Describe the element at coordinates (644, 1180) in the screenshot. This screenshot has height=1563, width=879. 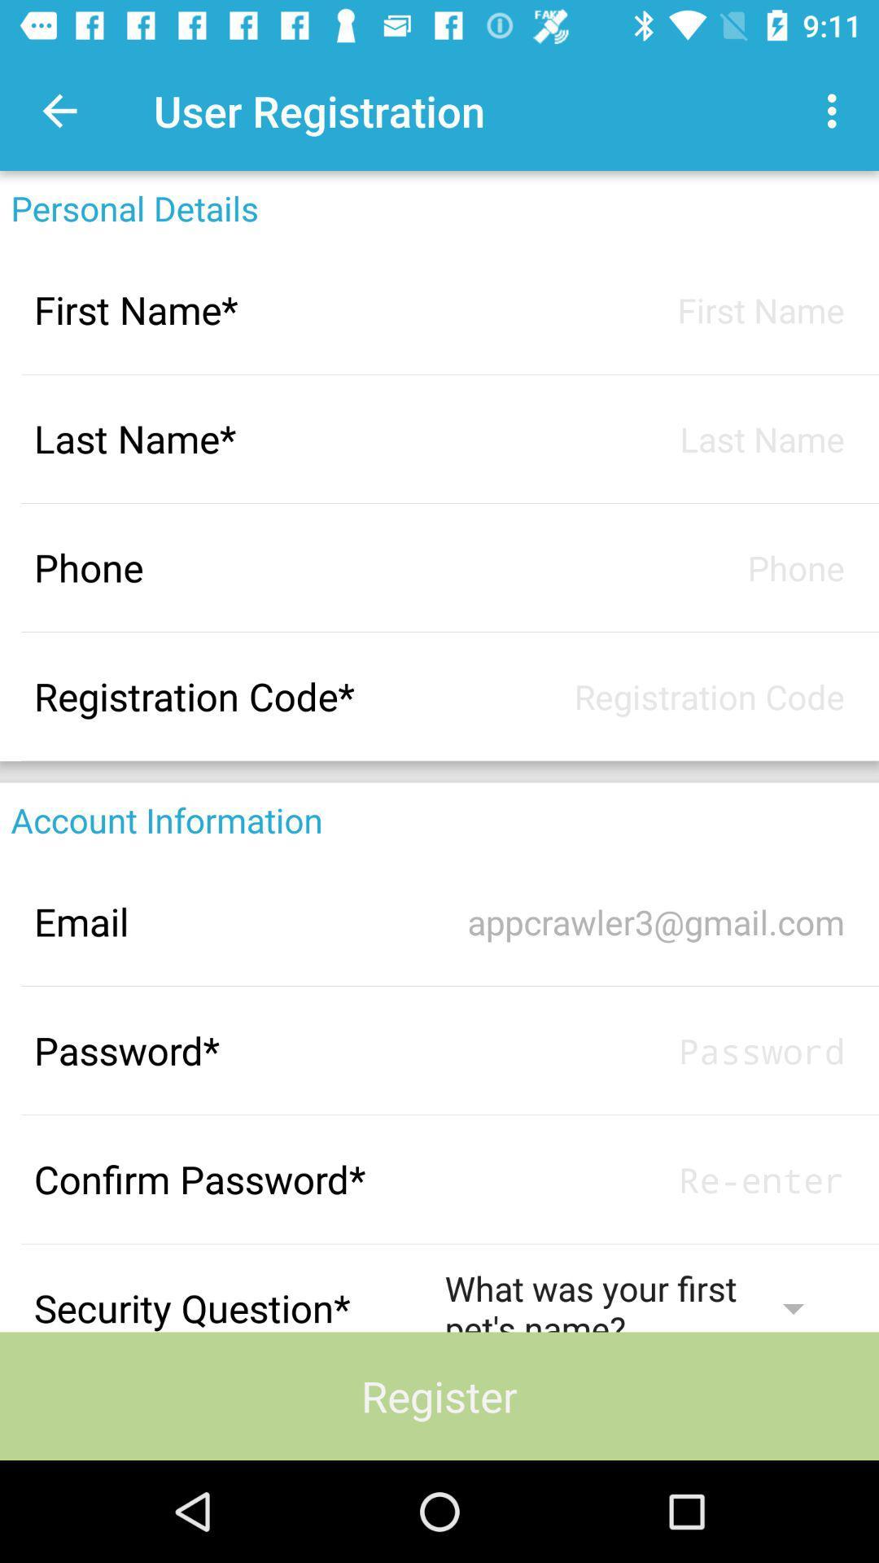
I see `password box` at that location.